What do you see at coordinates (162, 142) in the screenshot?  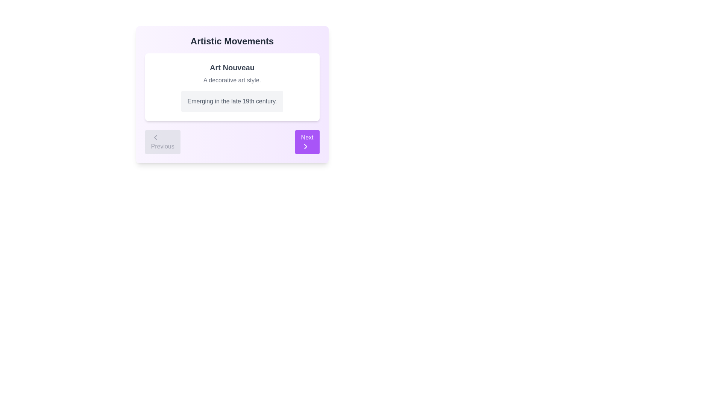 I see `the Previous button to navigate through concepts` at bounding box center [162, 142].